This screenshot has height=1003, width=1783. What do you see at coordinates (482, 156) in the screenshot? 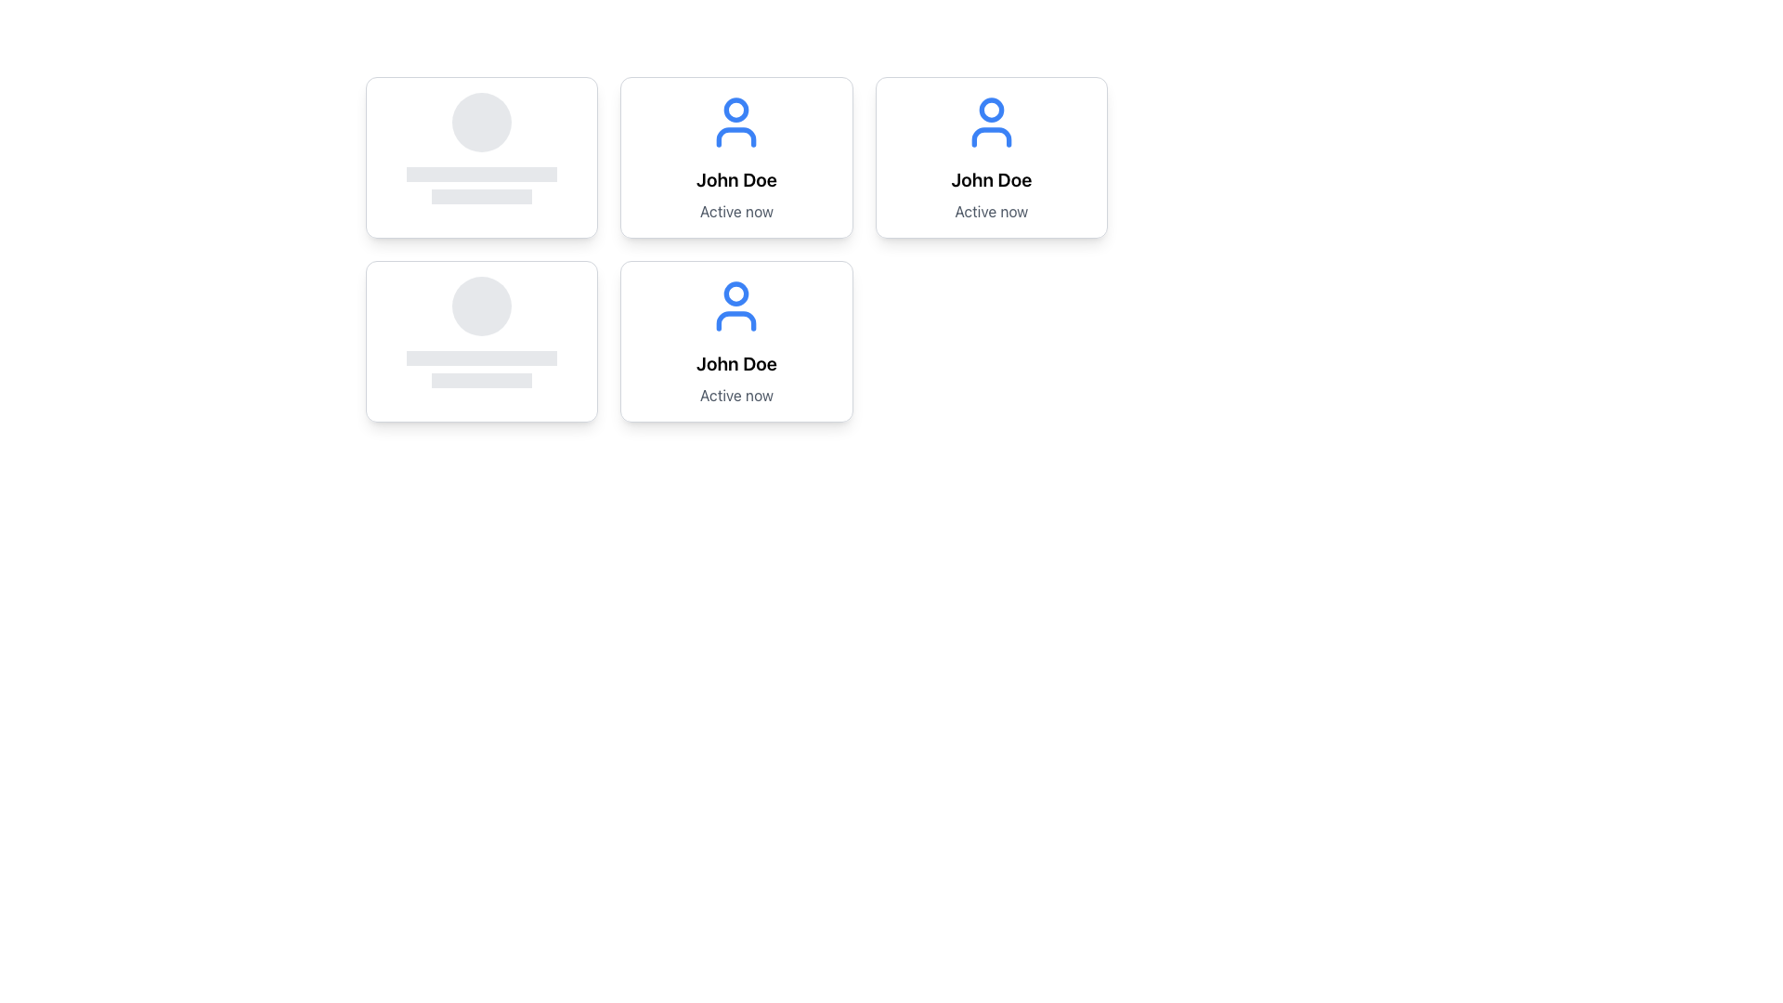
I see `the first user card in the top-left corner of the grid layout, which serves as a decorative placeholder` at bounding box center [482, 156].